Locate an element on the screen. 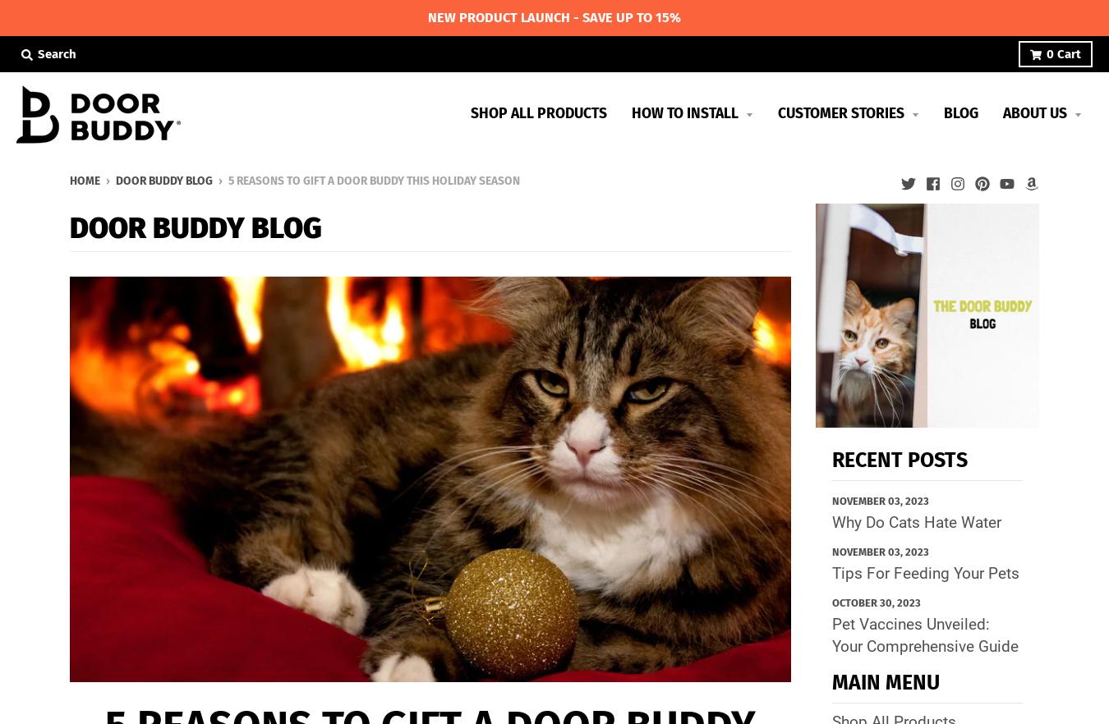 The height and width of the screenshot is (724, 1109). 'Search' is located at coordinates (56, 53).